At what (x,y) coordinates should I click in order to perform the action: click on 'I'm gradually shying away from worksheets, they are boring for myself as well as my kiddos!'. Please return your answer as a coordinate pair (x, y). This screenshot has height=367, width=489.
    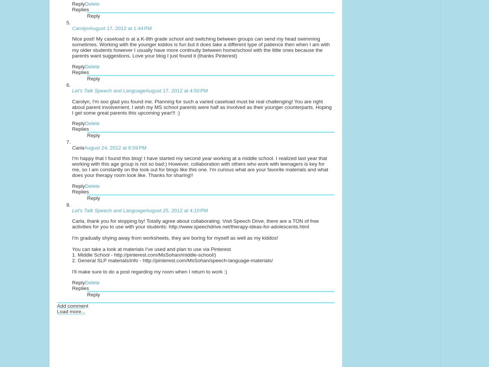
    Looking at the image, I should click on (175, 237).